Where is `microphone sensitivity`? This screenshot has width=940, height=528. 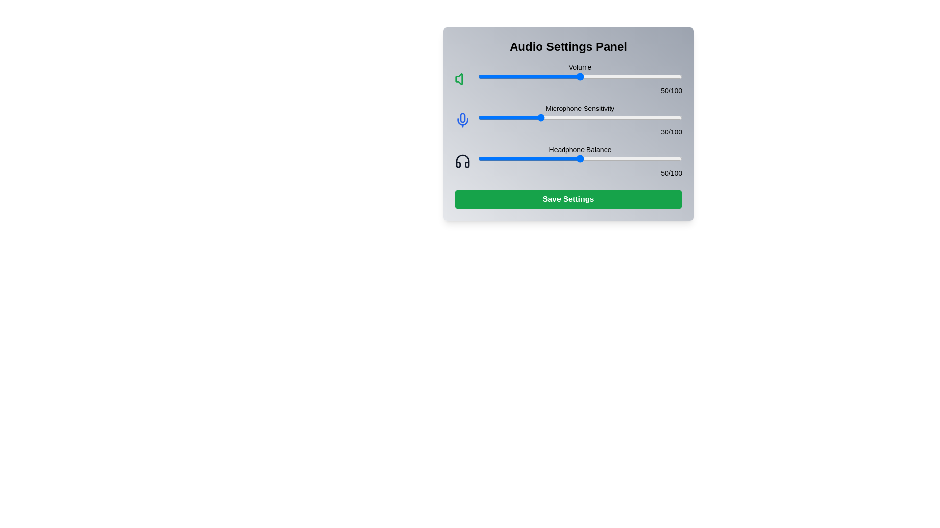 microphone sensitivity is located at coordinates (622, 117).